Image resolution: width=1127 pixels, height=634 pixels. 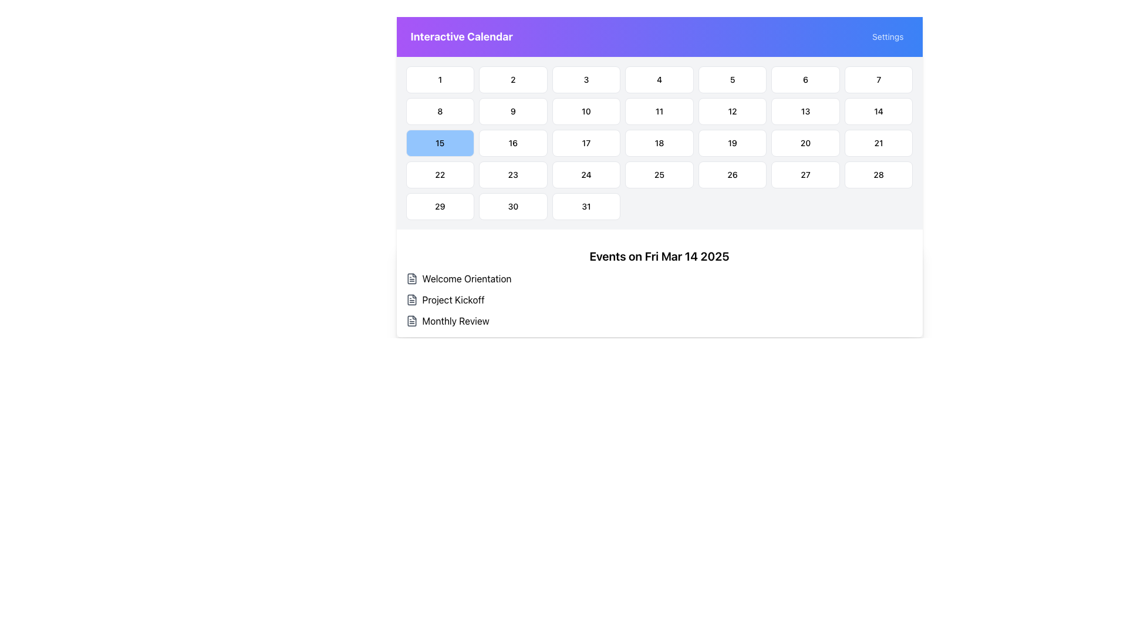 I want to click on the Calendar day cell representing the 20th day in the calendar grid layout, so click(x=805, y=142).